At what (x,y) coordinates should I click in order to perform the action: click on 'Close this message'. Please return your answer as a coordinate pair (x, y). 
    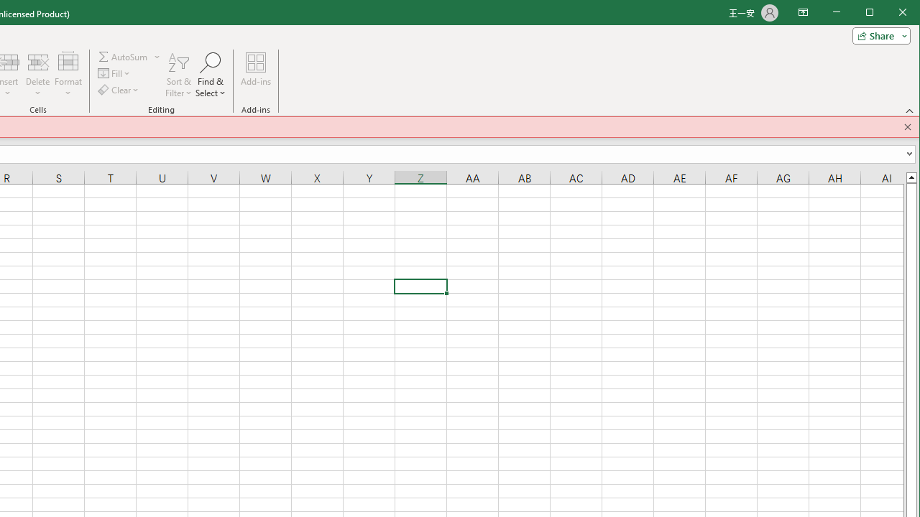
    Looking at the image, I should click on (907, 126).